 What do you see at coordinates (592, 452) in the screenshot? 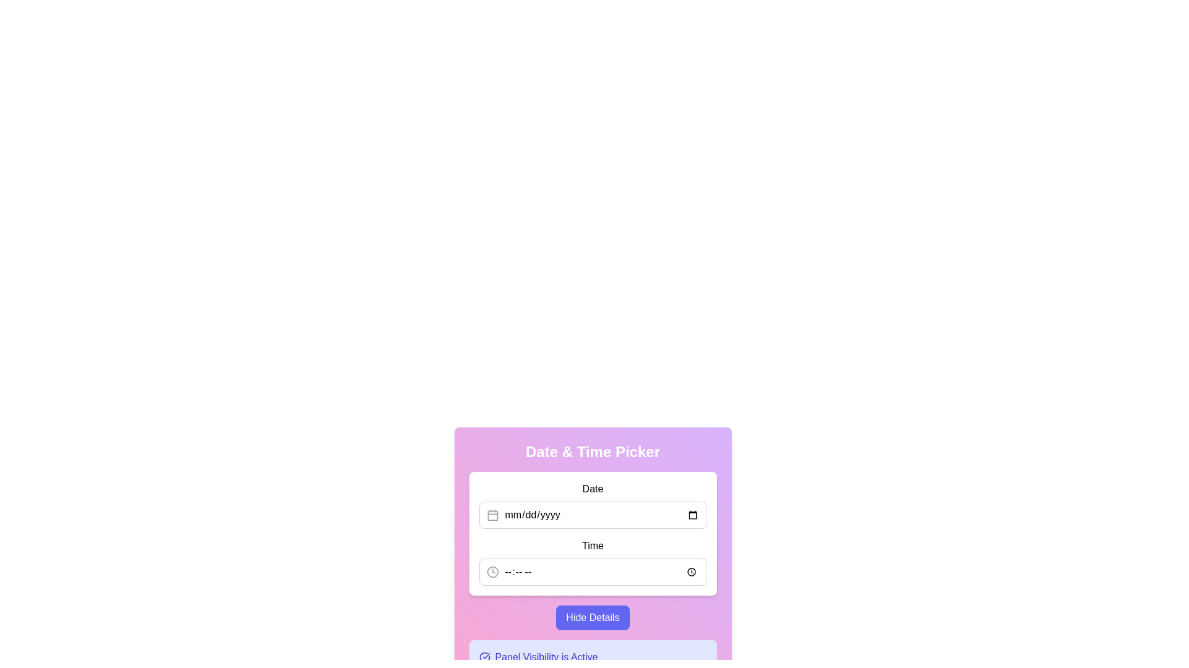
I see `the title text labeled 'Date & Time Picker', which is prominently displayed in a large, bold font with white color against a gradient purple and pink background at the top of the card-like component` at bounding box center [592, 452].